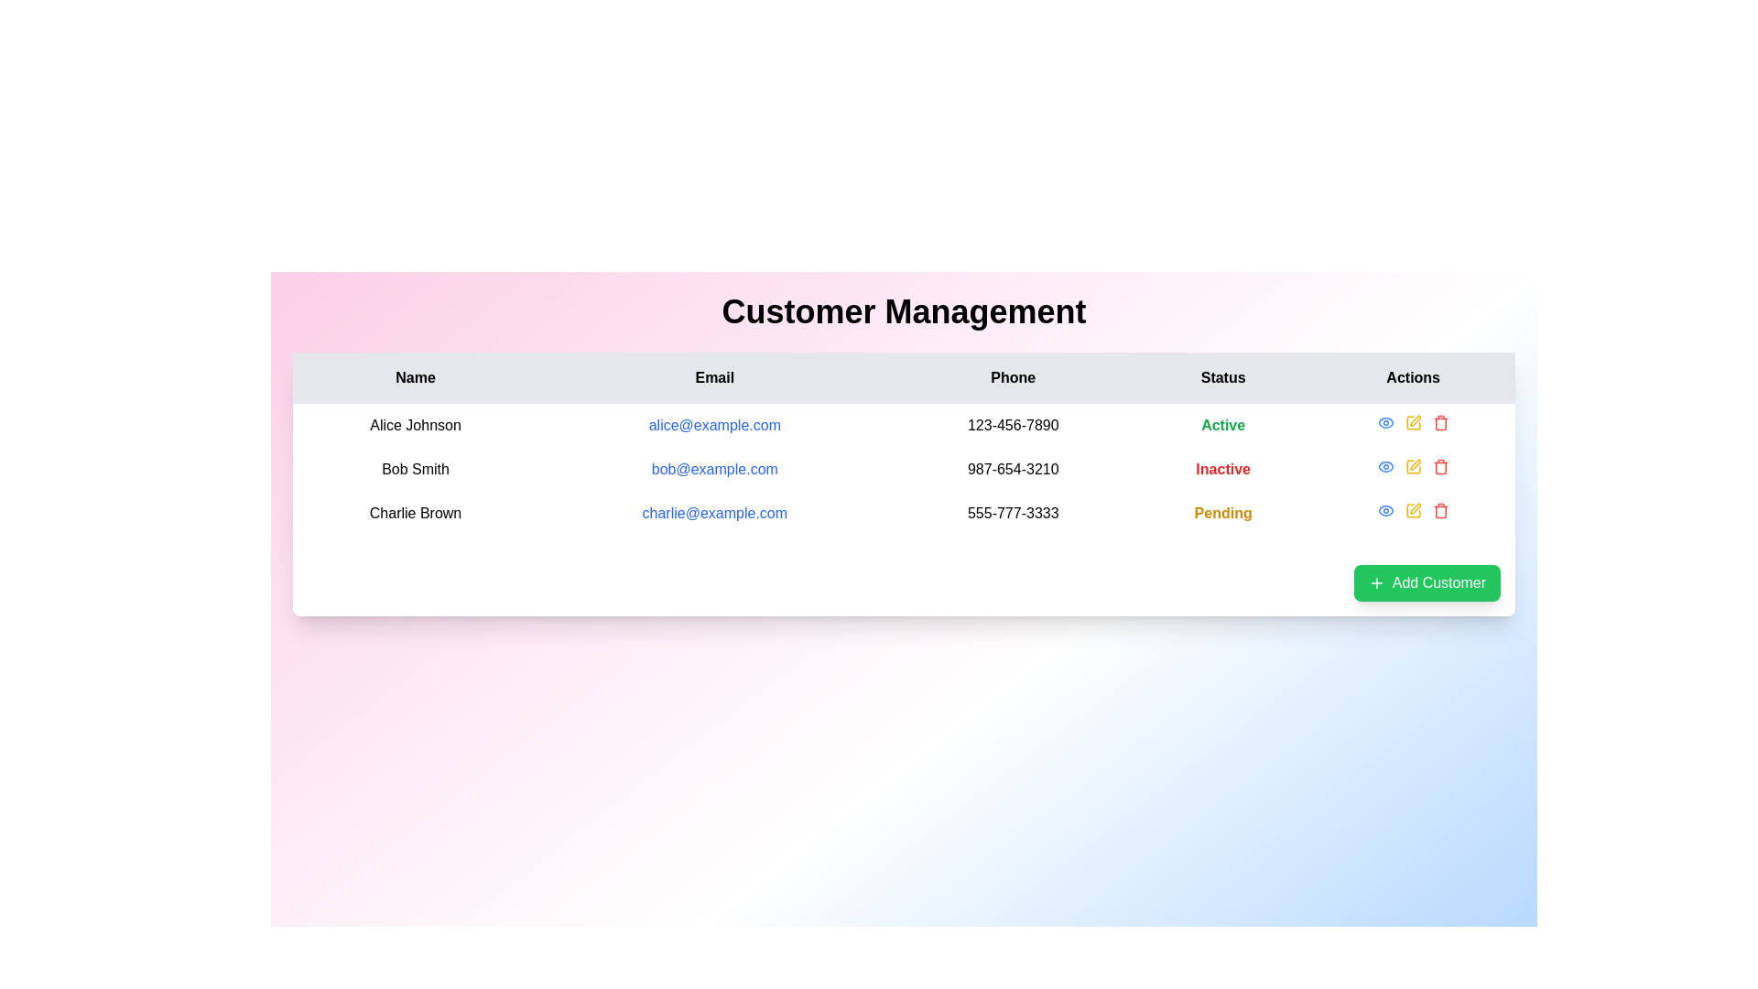 This screenshot has height=989, width=1758. I want to click on the Text element displaying the user's contact phone number, located in the third cell of the first row, adjacent to the email address 'alice@example.com' and the status 'Active', so click(1012, 426).